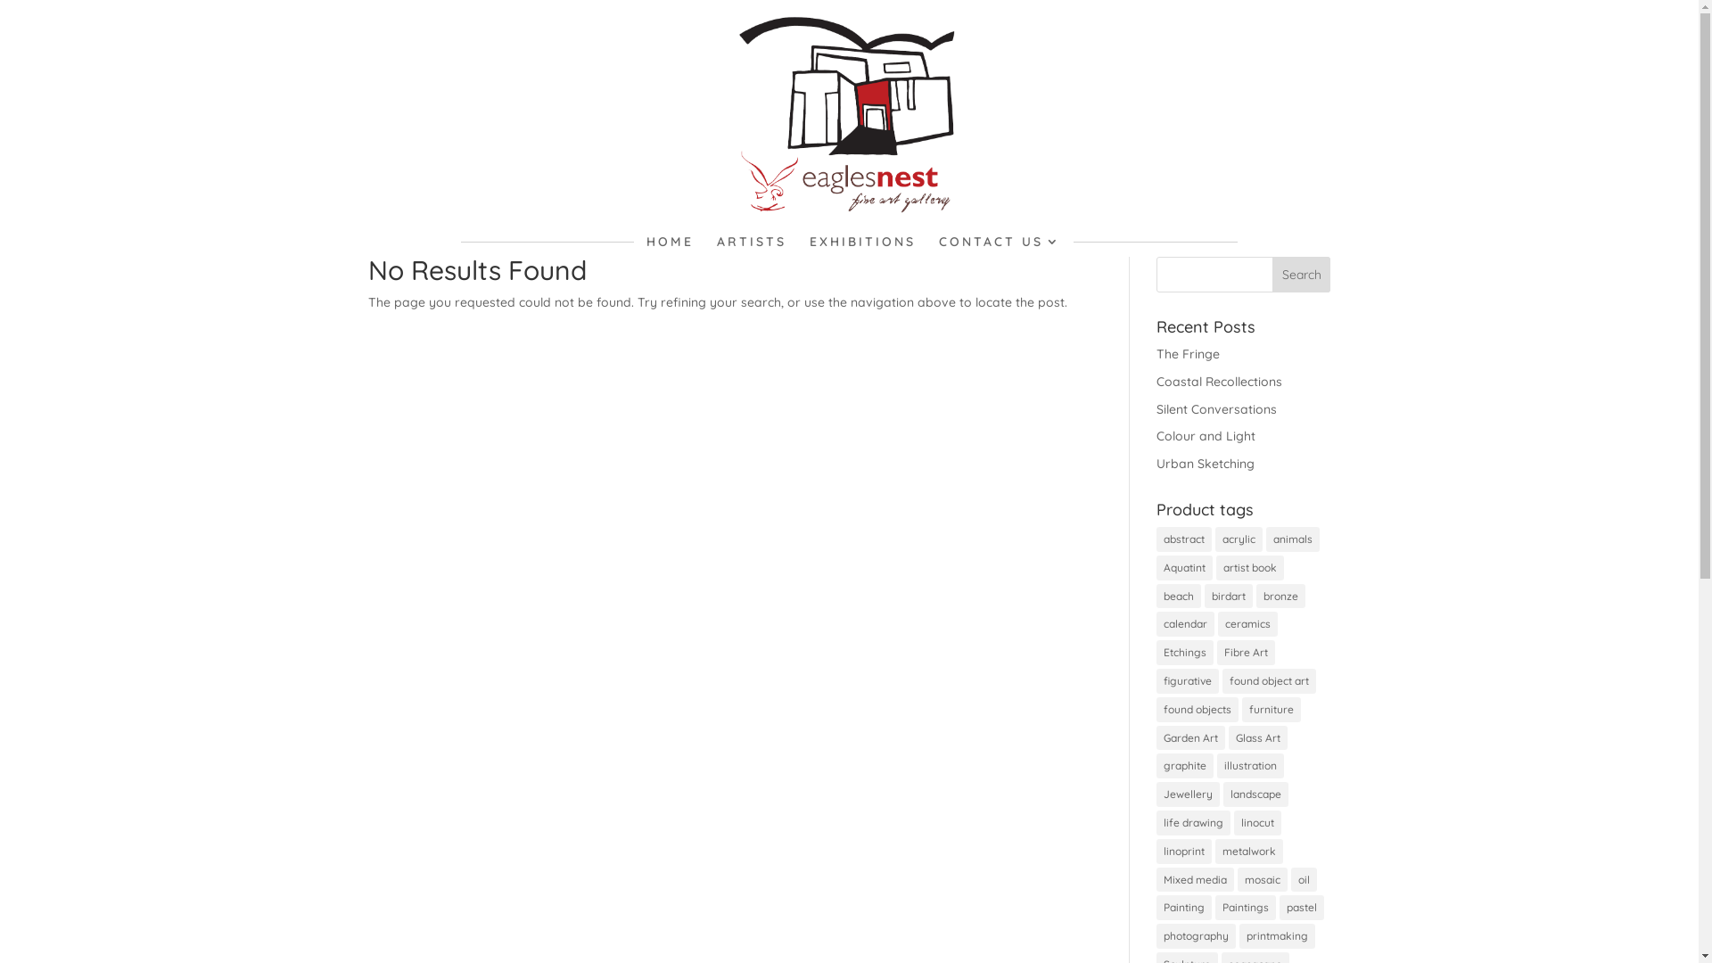 This screenshot has width=1712, height=963. What do you see at coordinates (1244, 908) in the screenshot?
I see `'Paintings'` at bounding box center [1244, 908].